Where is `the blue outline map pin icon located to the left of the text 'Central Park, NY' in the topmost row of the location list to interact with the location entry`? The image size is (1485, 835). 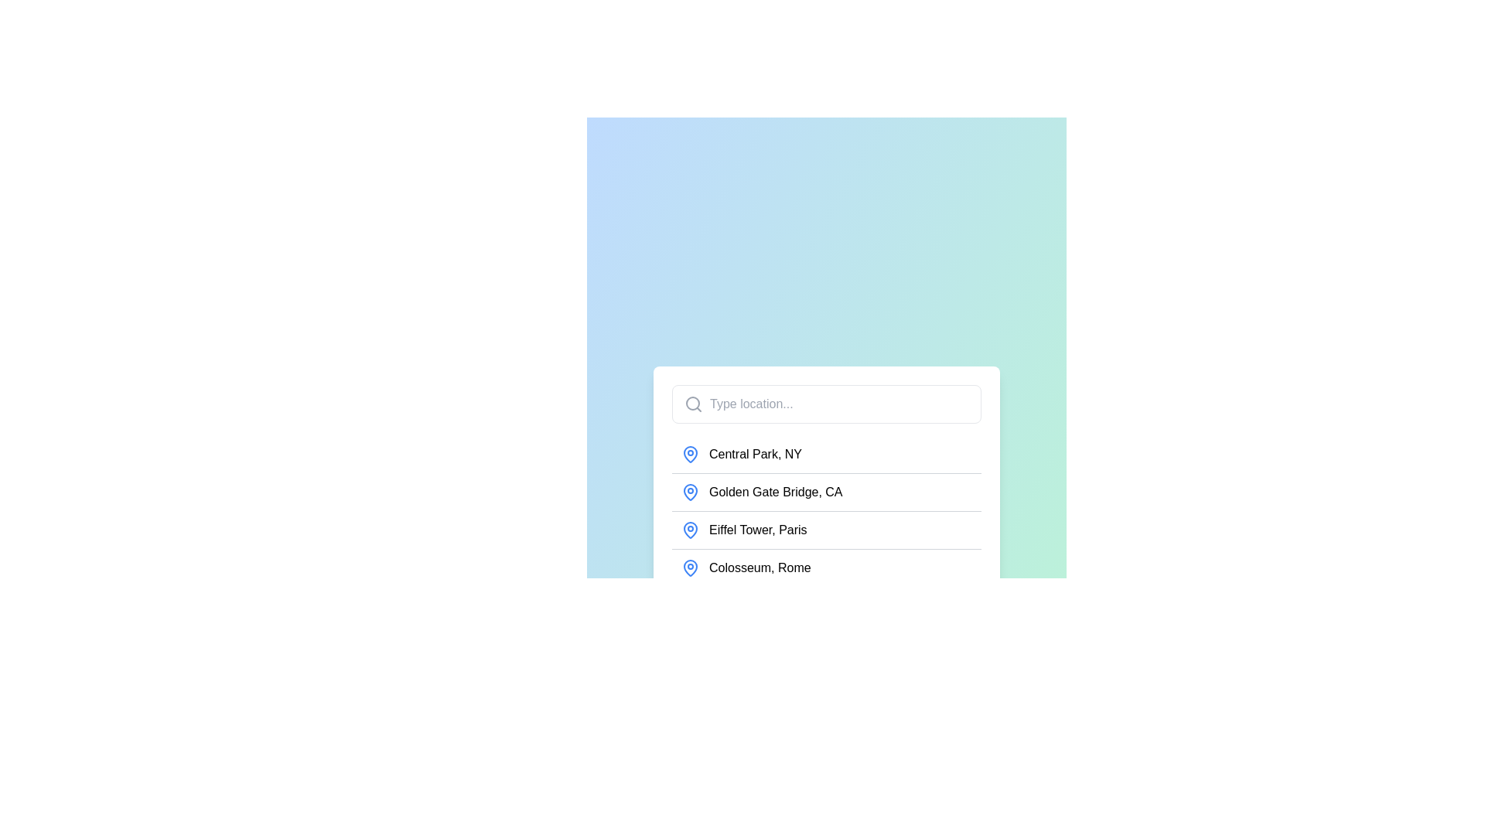 the blue outline map pin icon located to the left of the text 'Central Park, NY' in the topmost row of the location list to interact with the location entry is located at coordinates (689, 453).